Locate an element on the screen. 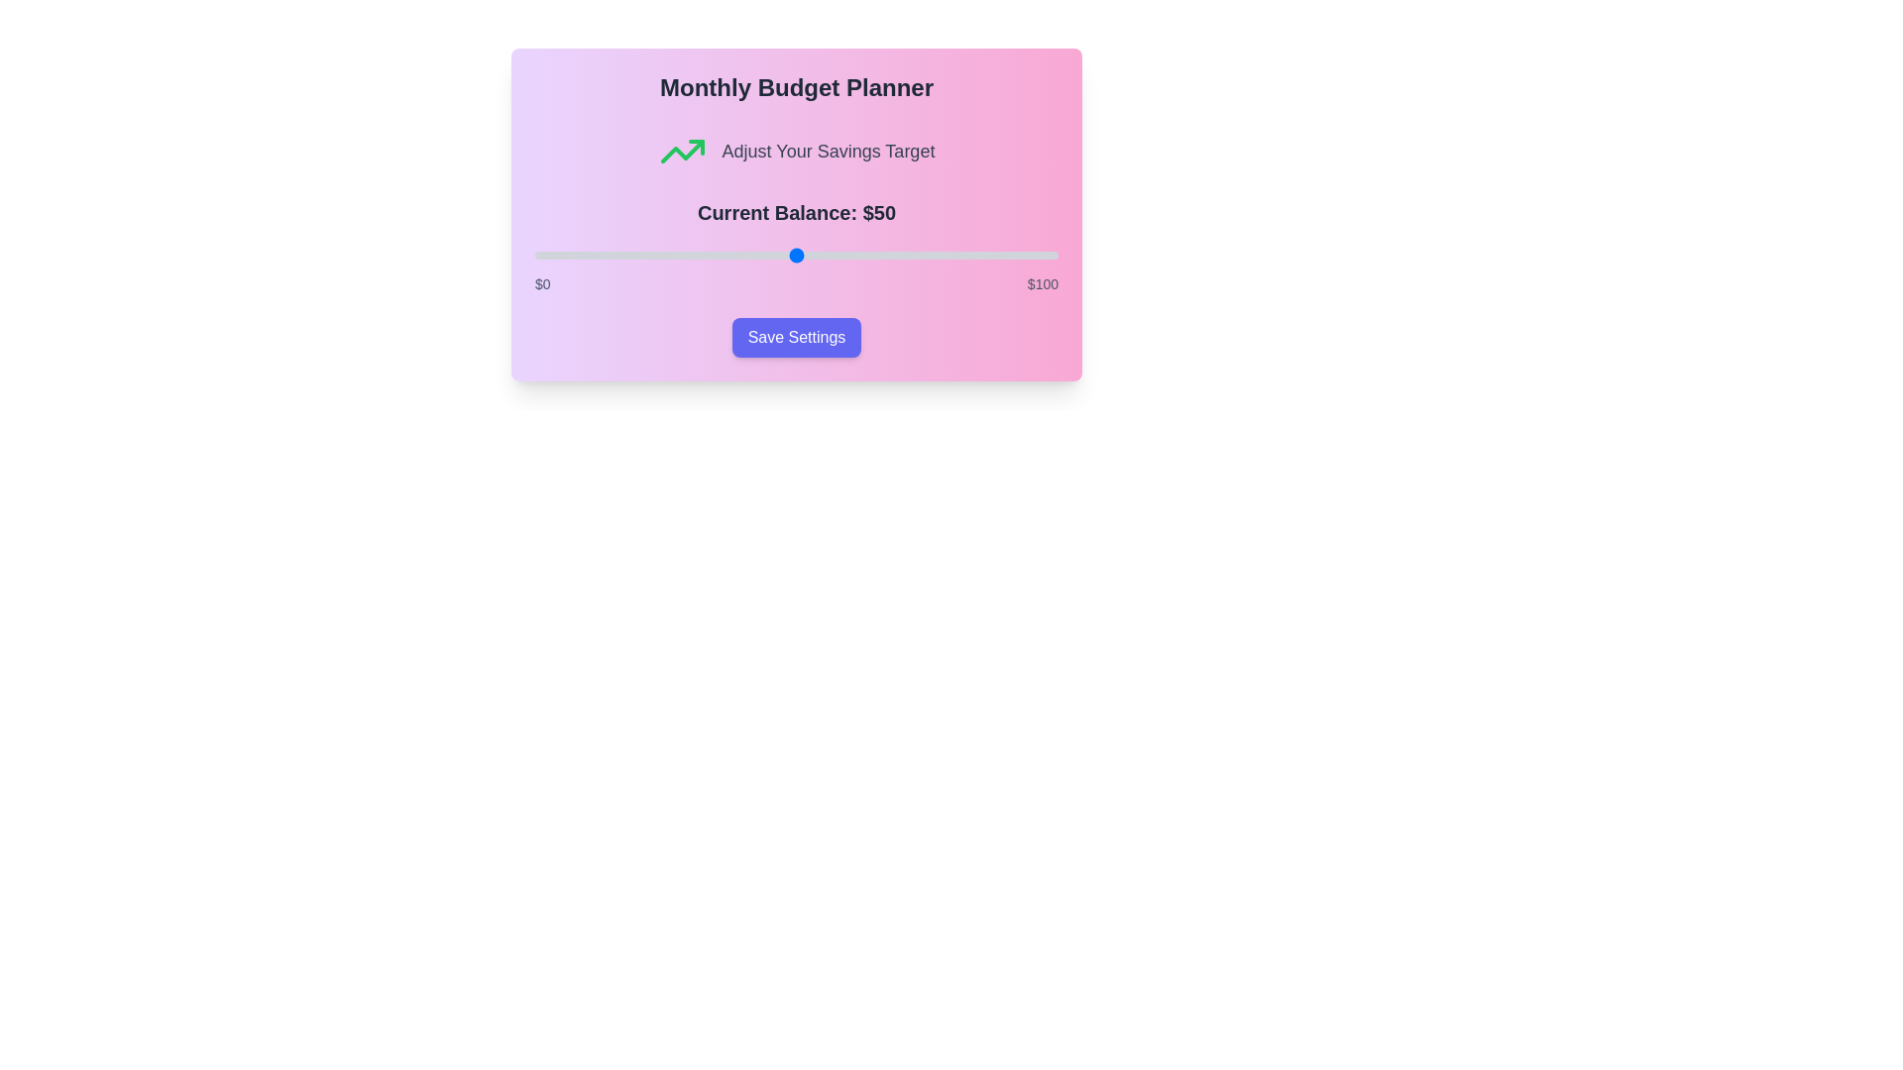  the slider to set the balance to 17 value is located at coordinates (622, 255).